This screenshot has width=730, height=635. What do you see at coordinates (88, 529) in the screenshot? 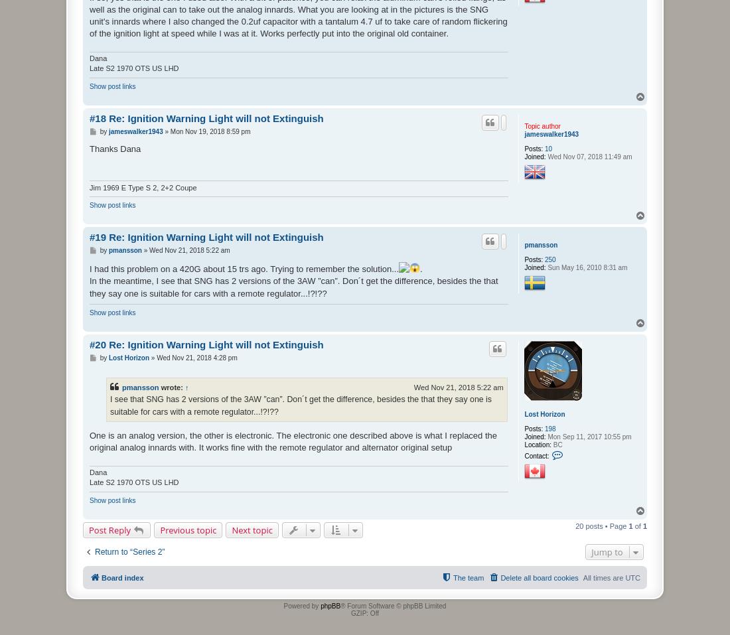
I see `'Post Reply'` at bounding box center [88, 529].